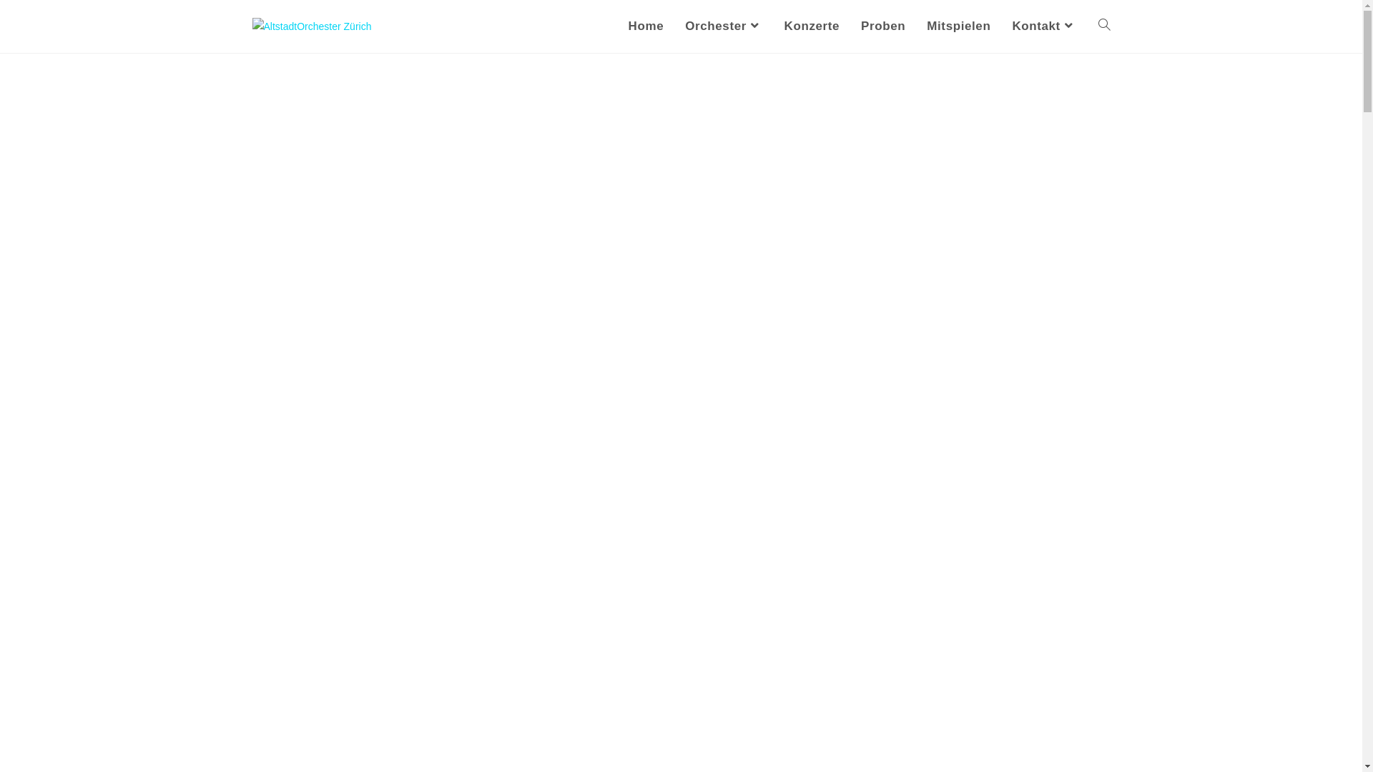 This screenshot has height=772, width=1373. I want to click on 'Proben', so click(882, 26).